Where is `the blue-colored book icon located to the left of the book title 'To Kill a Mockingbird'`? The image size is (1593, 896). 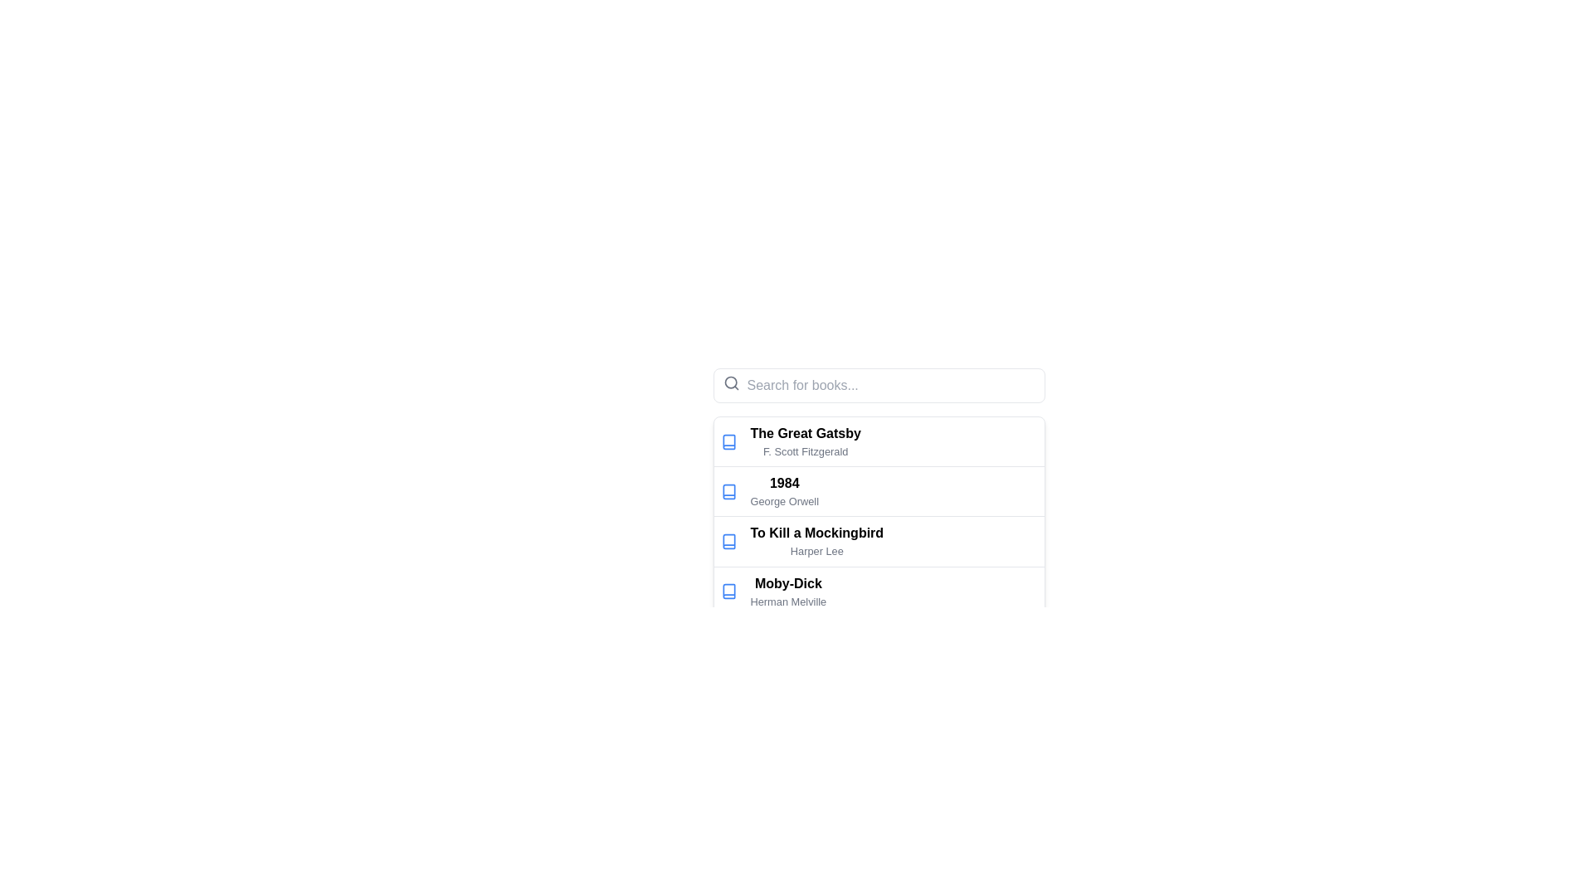 the blue-colored book icon located to the left of the book title 'To Kill a Mockingbird' is located at coordinates (728, 541).